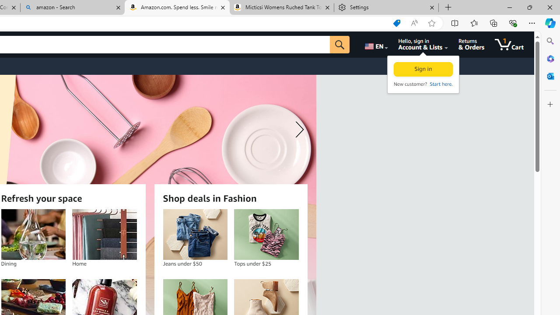 The height and width of the screenshot is (315, 560). What do you see at coordinates (266, 234) in the screenshot?
I see `'Tops under $25'` at bounding box center [266, 234].